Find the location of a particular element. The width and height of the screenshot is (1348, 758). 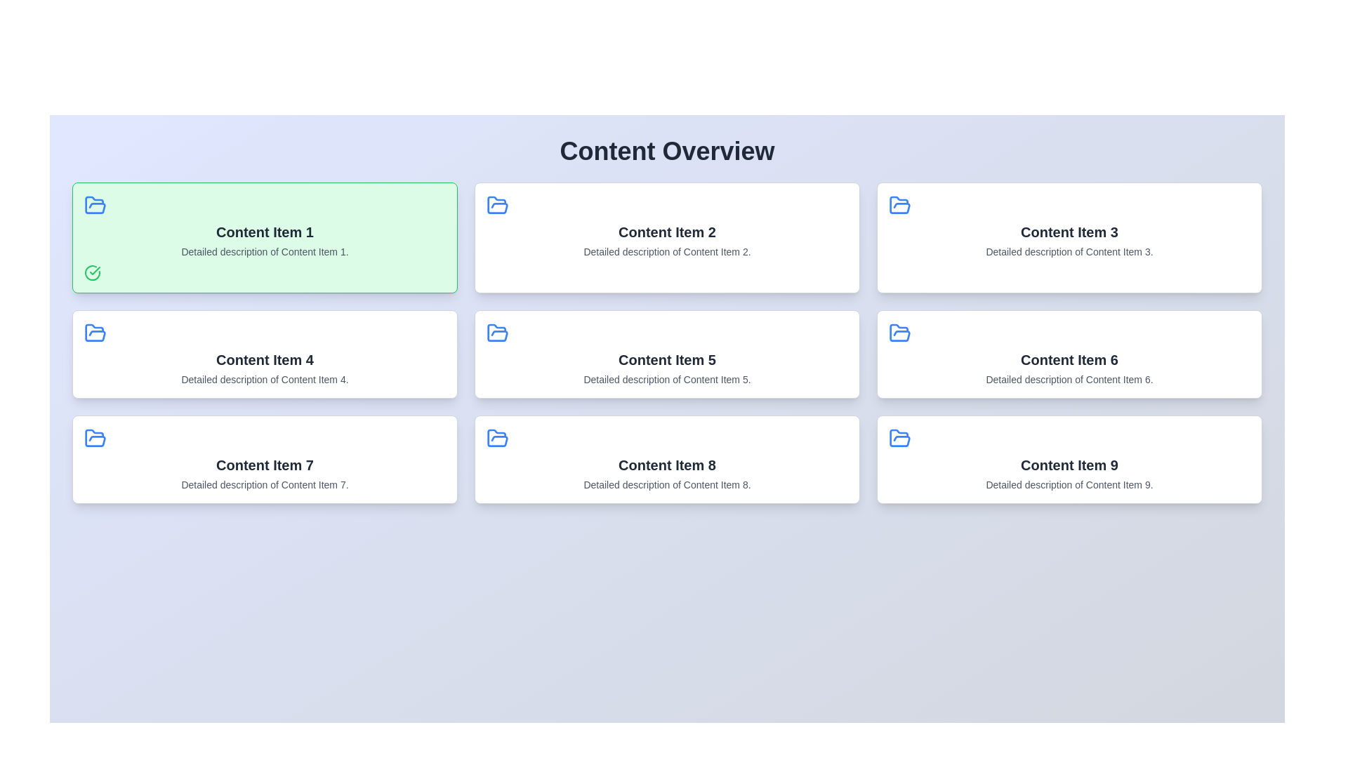

the green-colored checkmark icon within a circle, positioned in the leftmost section of the interface, corresponding to 'Content Item 1' is located at coordinates (94, 270).